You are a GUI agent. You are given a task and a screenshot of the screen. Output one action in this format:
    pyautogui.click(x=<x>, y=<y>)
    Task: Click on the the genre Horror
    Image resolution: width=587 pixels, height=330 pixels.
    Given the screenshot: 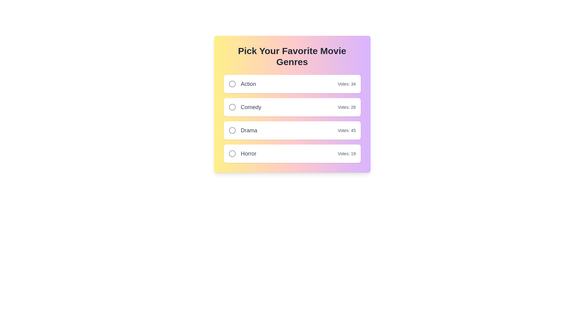 What is the action you would take?
    pyautogui.click(x=232, y=153)
    